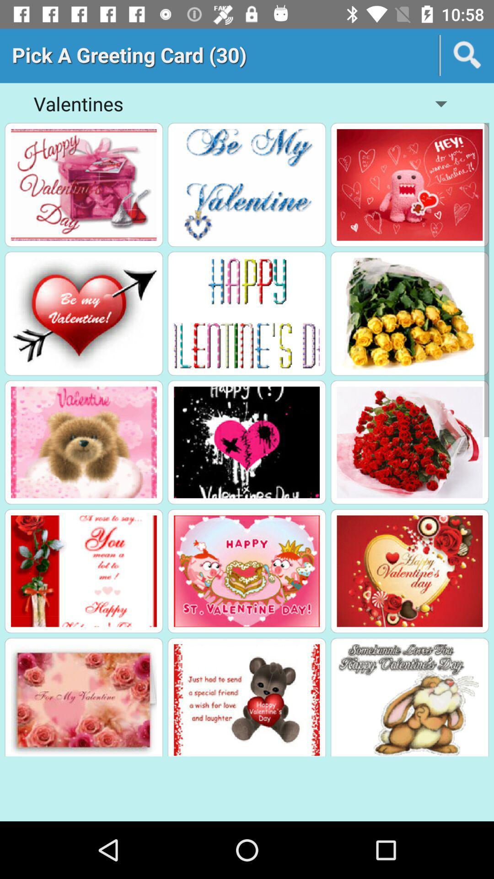  Describe the element at coordinates (409, 314) in the screenshot. I see `for some image` at that location.